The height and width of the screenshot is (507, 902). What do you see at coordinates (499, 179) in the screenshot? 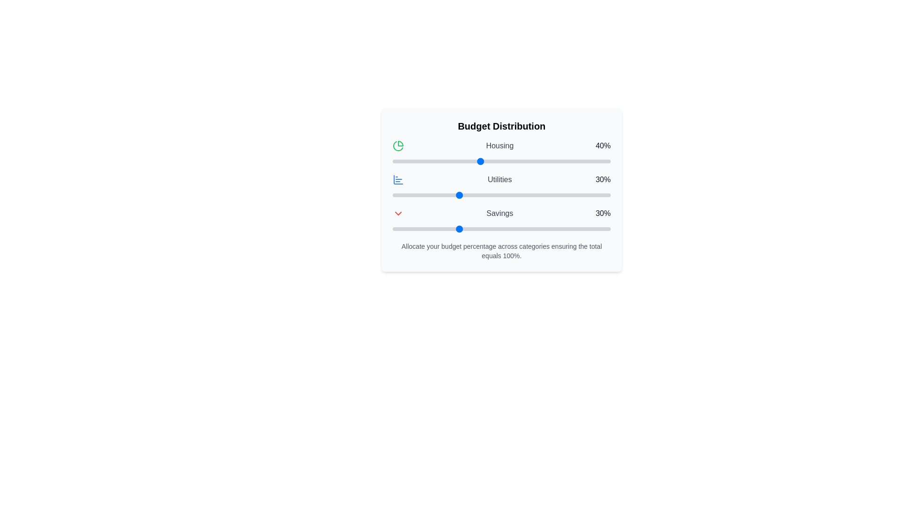
I see `the 'Utilities' text label in the budget distribution interface, which identifies the category and is located in the middle row of the budget distribution card` at bounding box center [499, 179].